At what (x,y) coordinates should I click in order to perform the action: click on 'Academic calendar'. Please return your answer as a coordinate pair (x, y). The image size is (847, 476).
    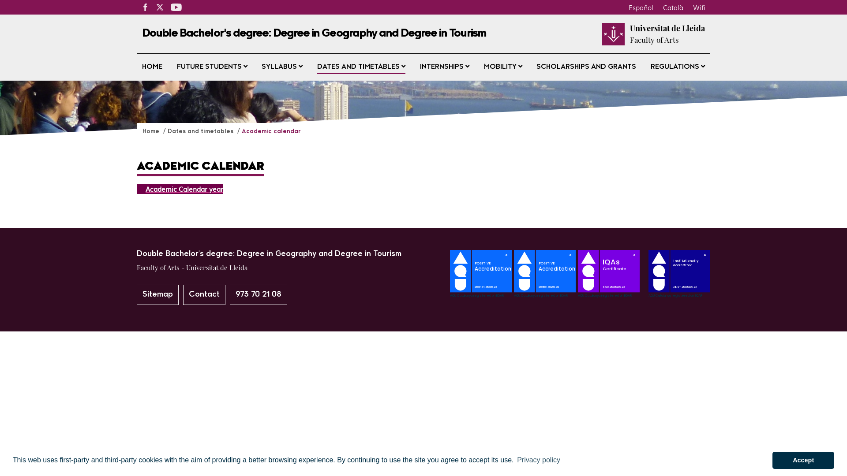
    Looking at the image, I should click on (270, 131).